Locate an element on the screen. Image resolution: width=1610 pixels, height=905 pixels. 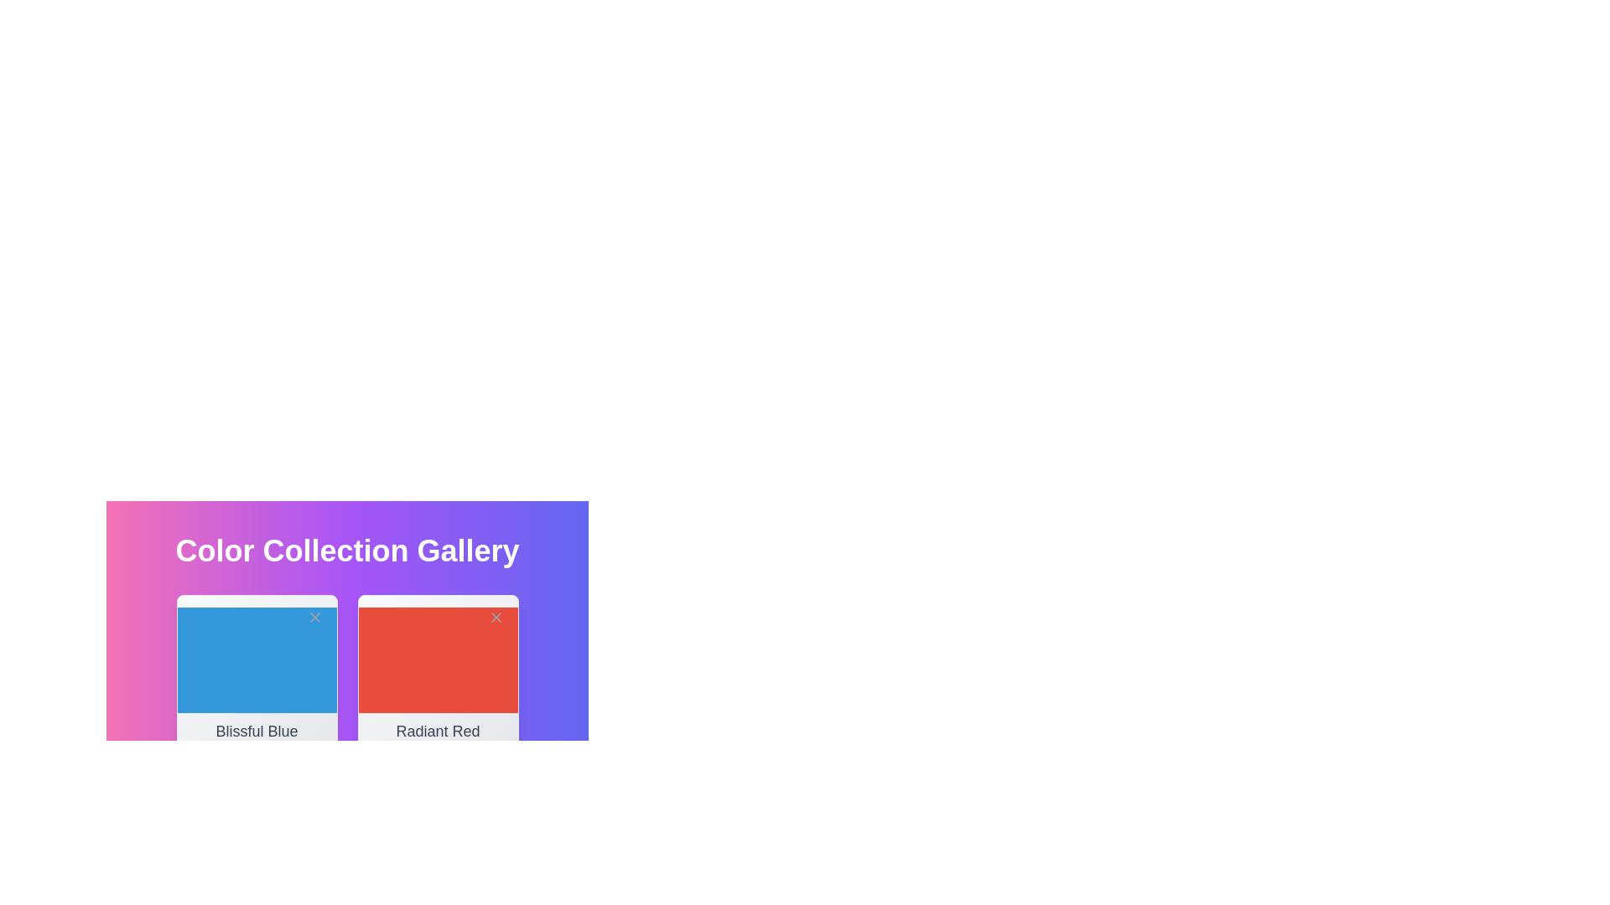
the prominent textual header 'Color Collection Gallery' which is displayed in a bold, white font on a vibrant gradient background is located at coordinates (346, 551).